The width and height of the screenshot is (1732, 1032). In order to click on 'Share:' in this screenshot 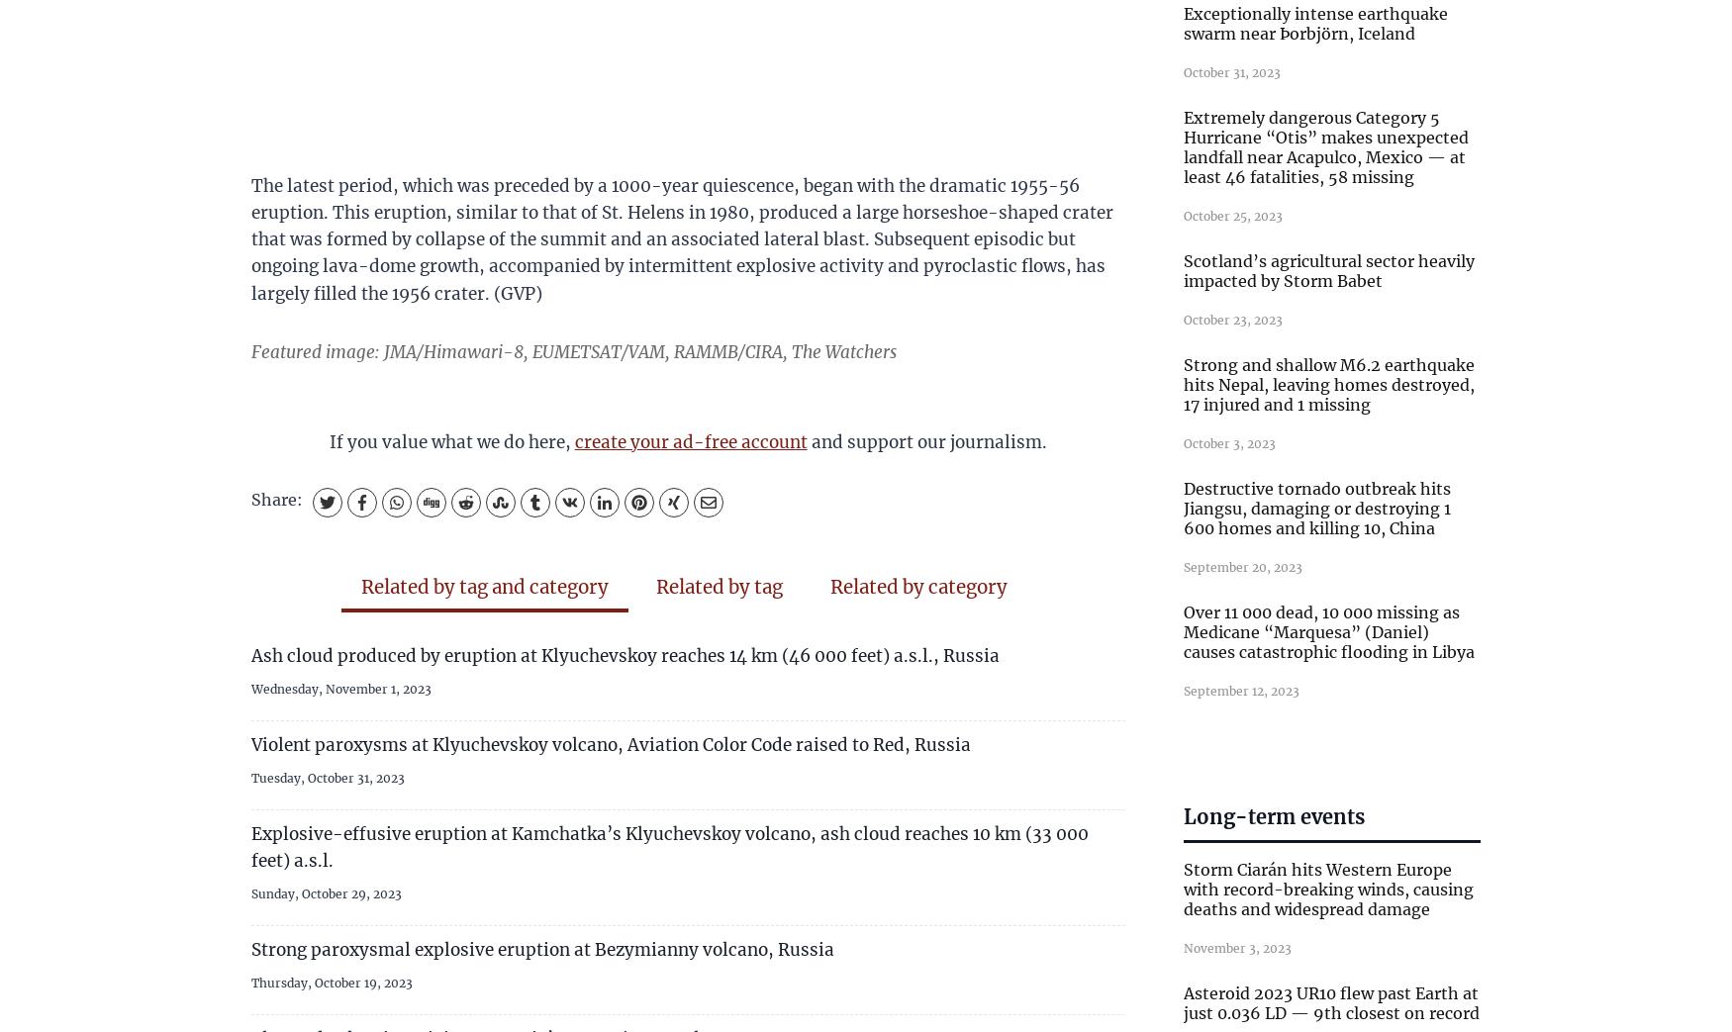, I will do `click(276, 499)`.